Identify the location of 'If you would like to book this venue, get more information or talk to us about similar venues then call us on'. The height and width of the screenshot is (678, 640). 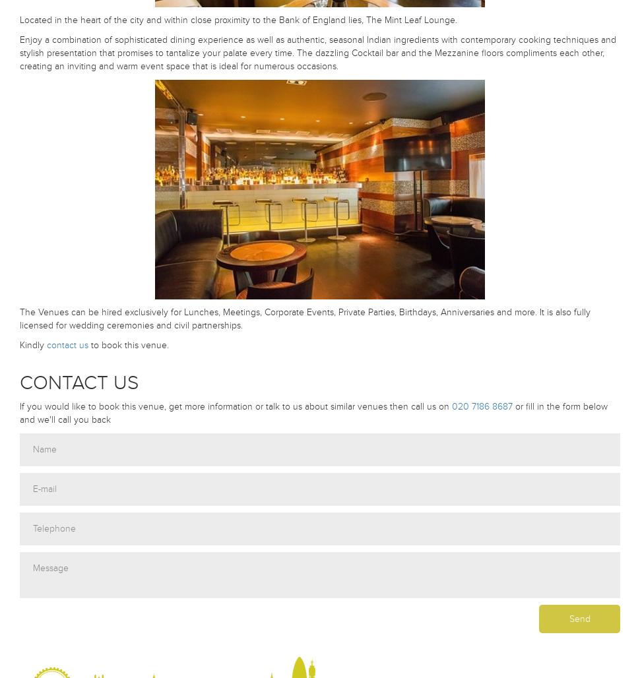
(235, 406).